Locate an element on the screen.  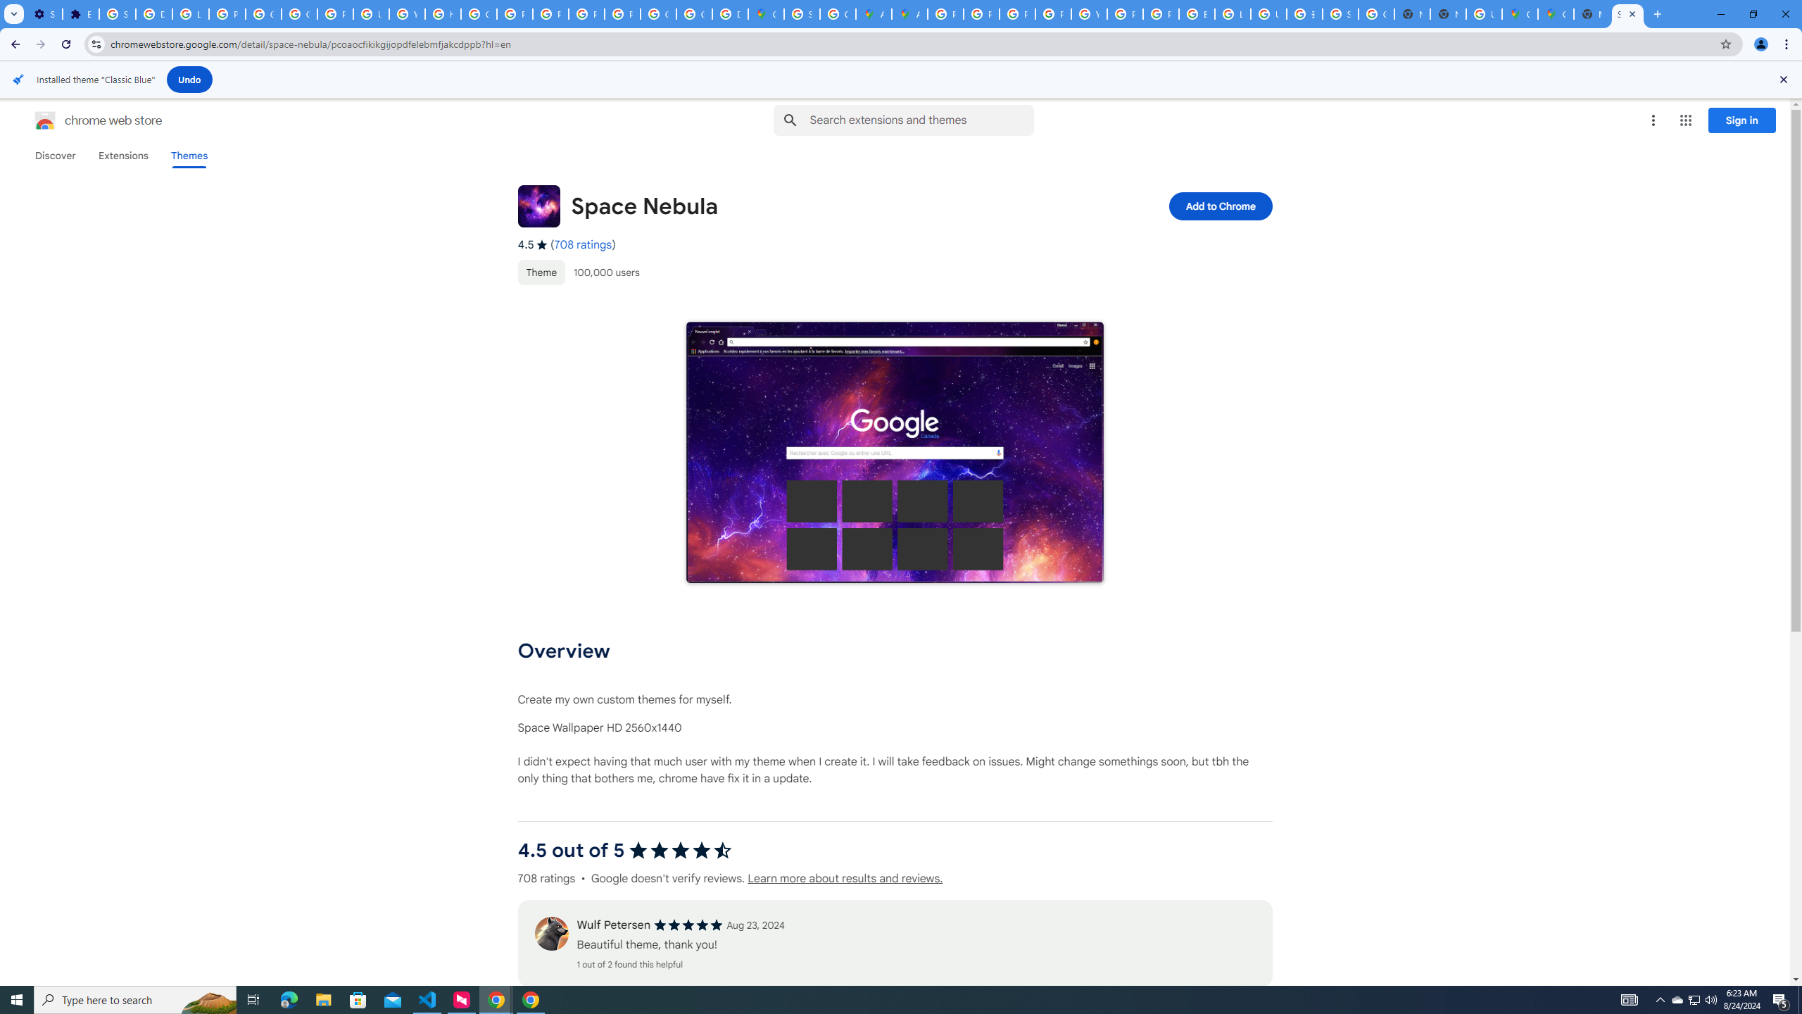
'YouTube' is located at coordinates (1088, 13).